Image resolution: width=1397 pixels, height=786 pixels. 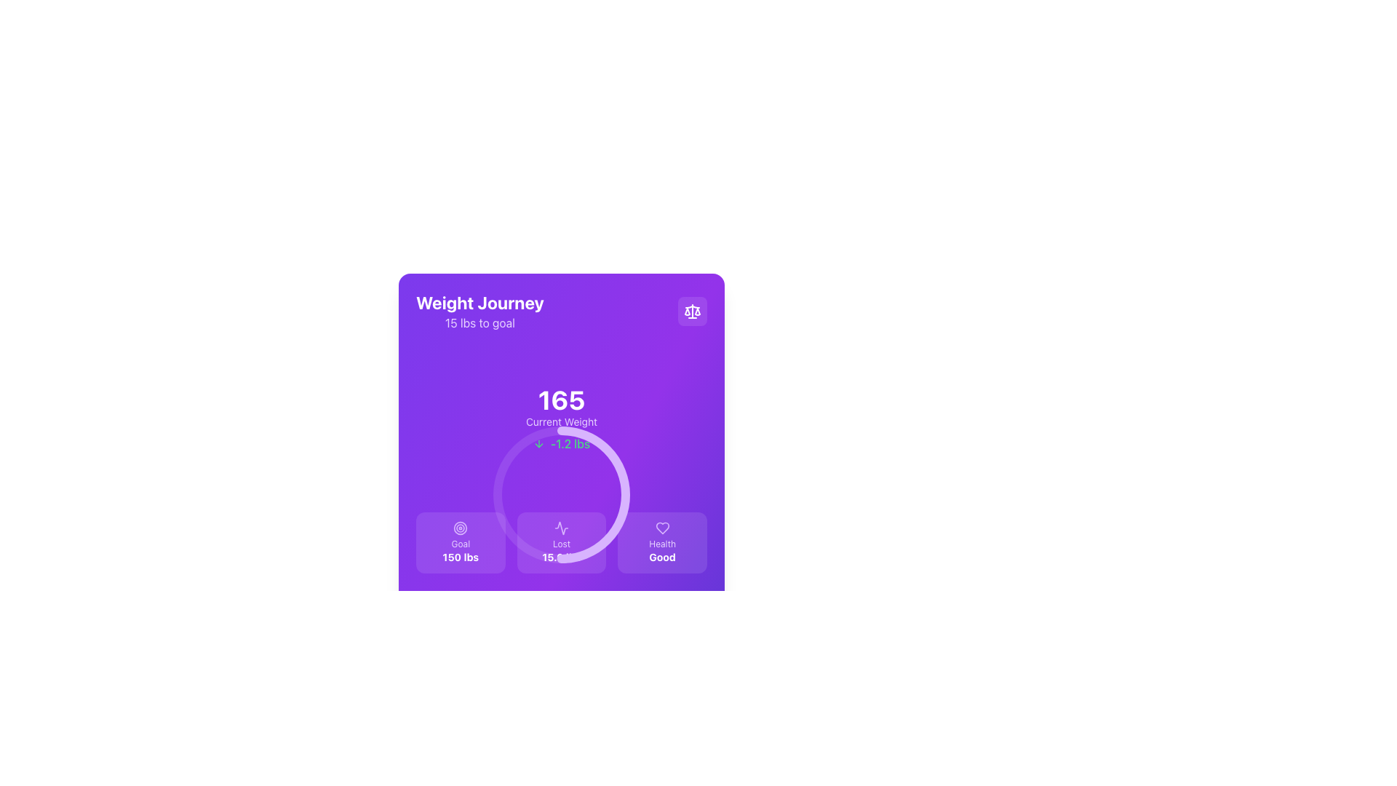 I want to click on text content of the Text label that displays the amount of weight lost, located at the bottom of the 'Lost' card in the user interface for tracking weight goals, so click(x=561, y=557).